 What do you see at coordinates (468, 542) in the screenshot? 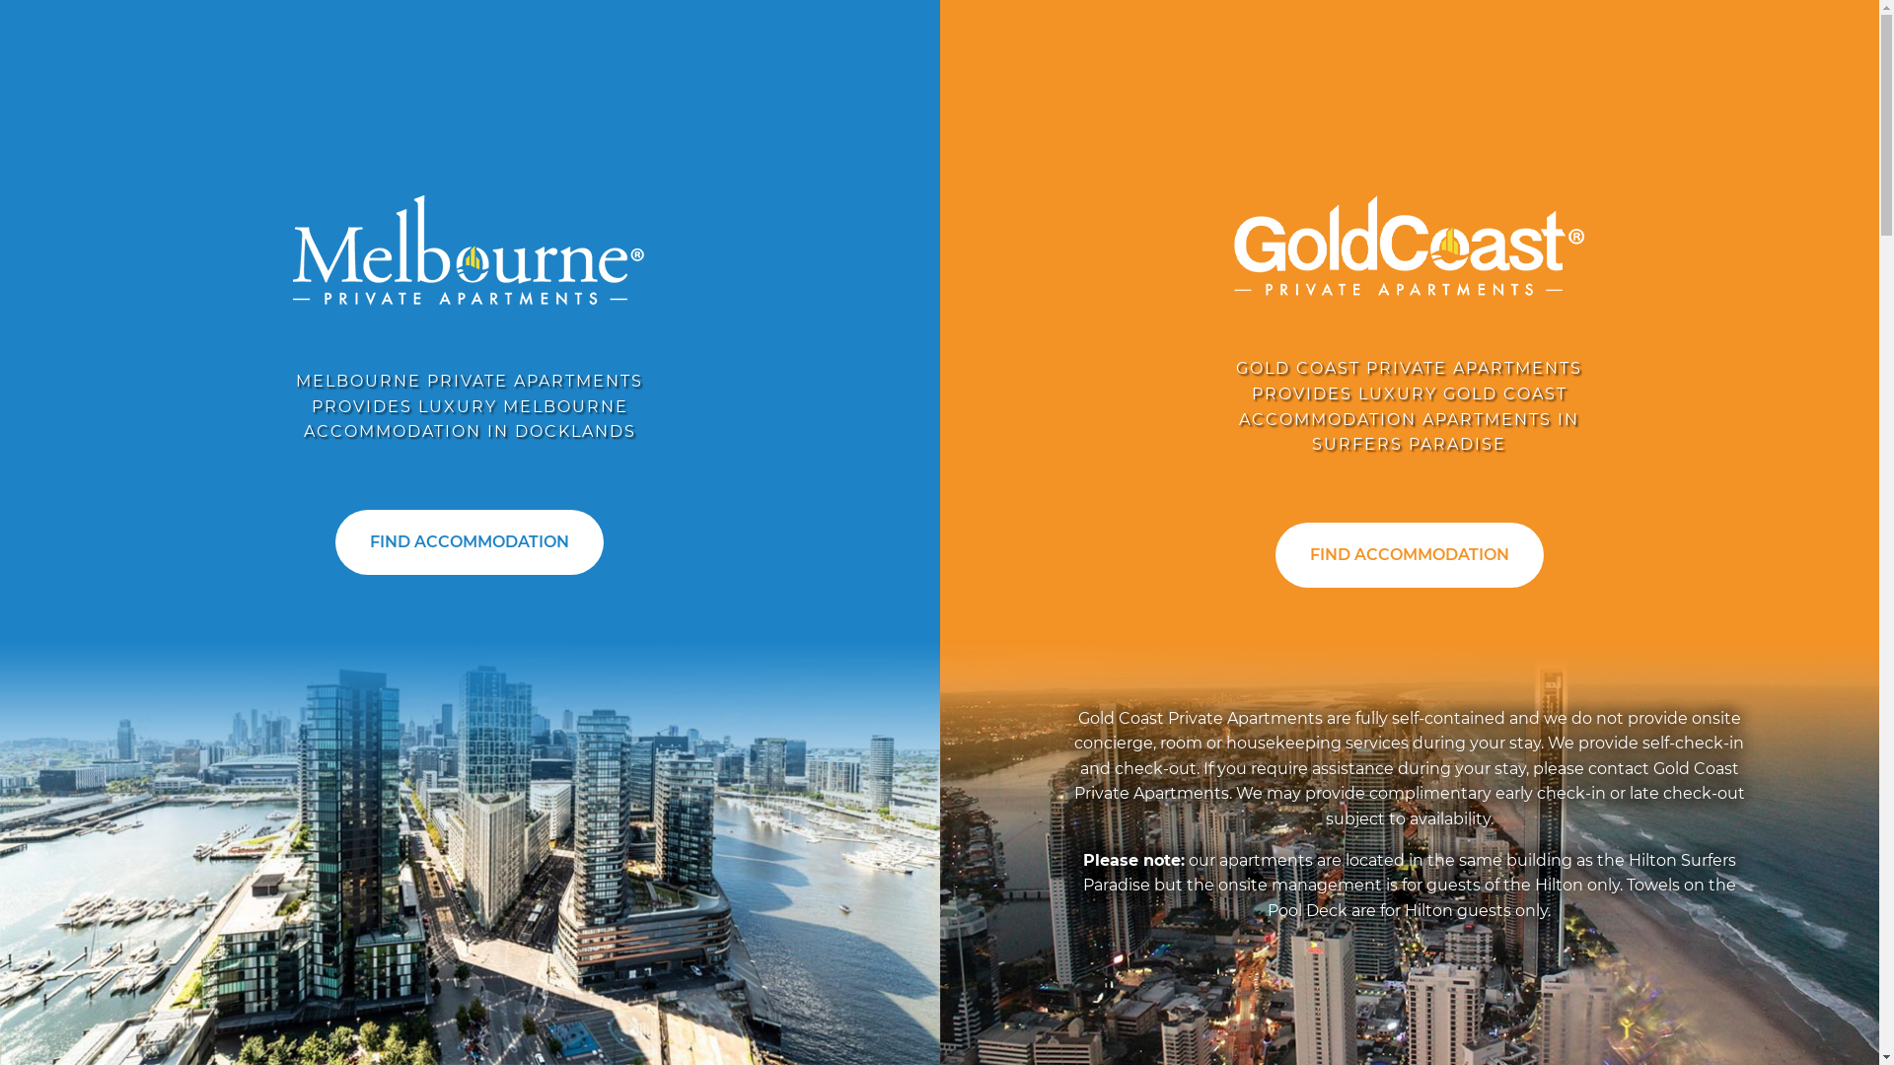
I see `'FIND ACCOMMODATION'` at bounding box center [468, 542].